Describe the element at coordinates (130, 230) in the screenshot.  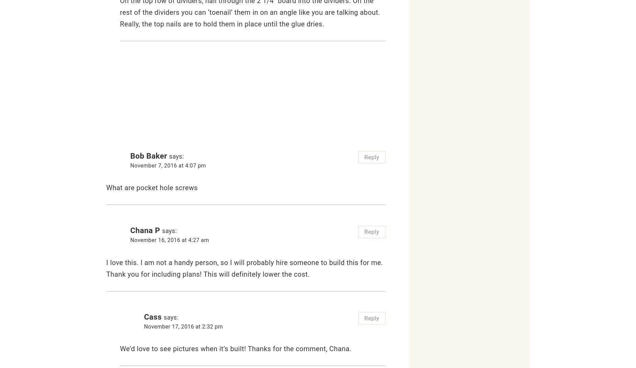
I see `'Chana P'` at that location.